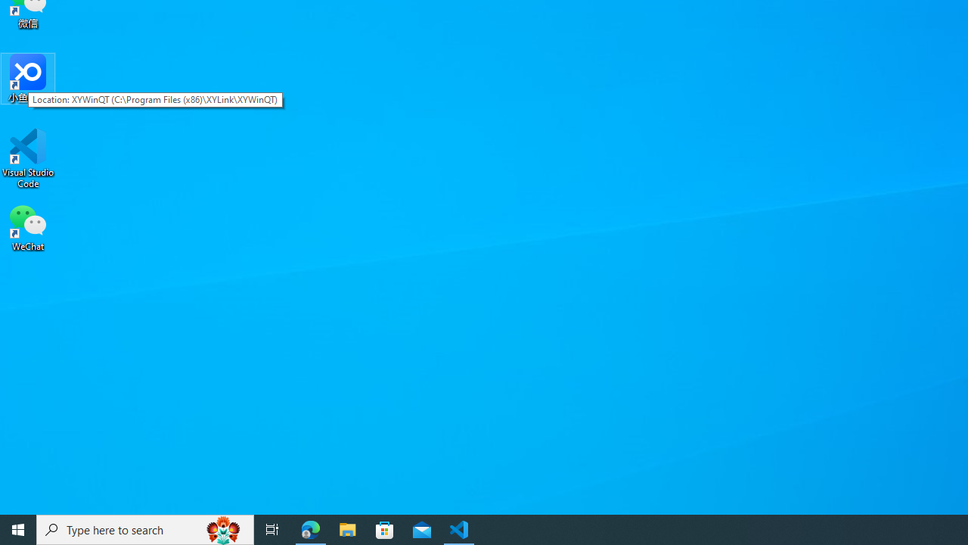 This screenshot has width=968, height=545. What do you see at coordinates (347, 528) in the screenshot?
I see `'File Explorer'` at bounding box center [347, 528].